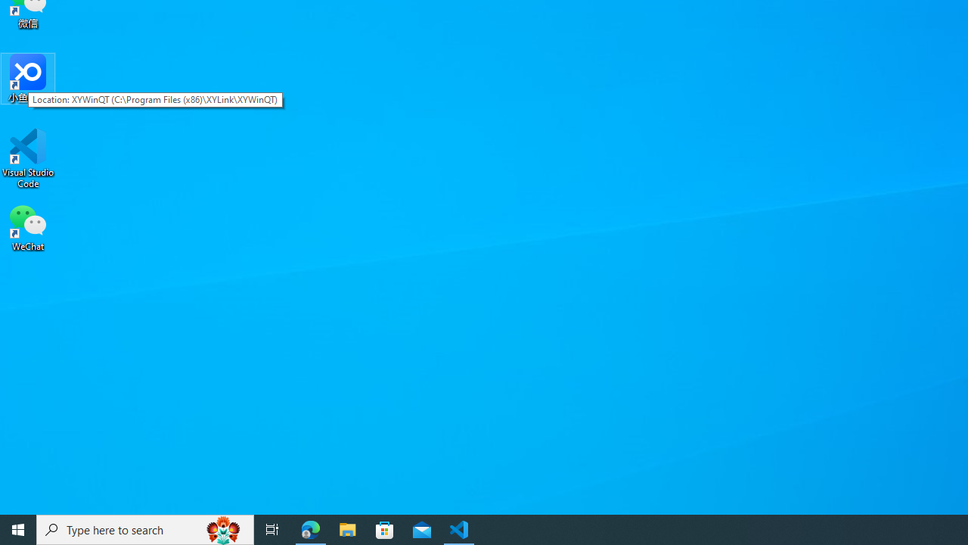 This screenshot has width=968, height=545. What do you see at coordinates (347, 528) in the screenshot?
I see `'File Explorer'` at bounding box center [347, 528].